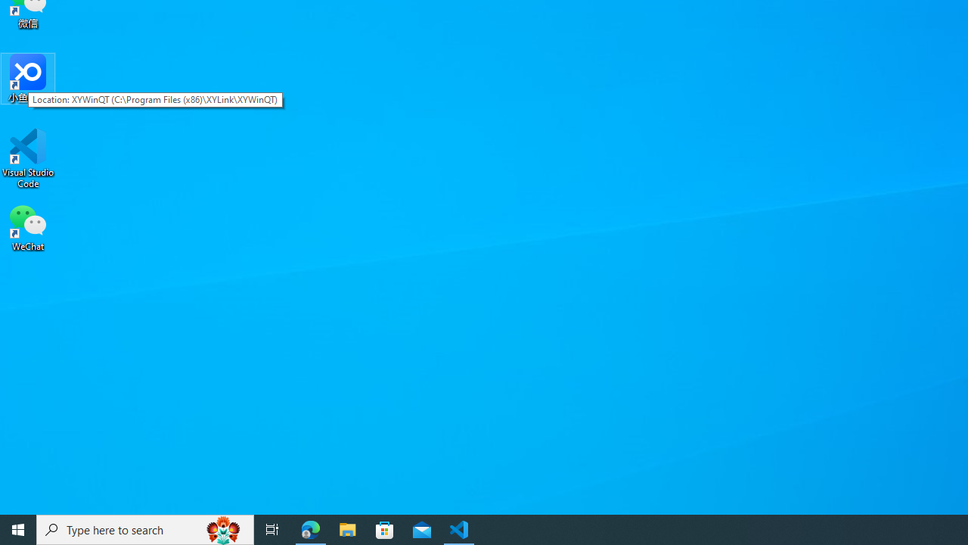 This screenshot has width=968, height=545. What do you see at coordinates (347, 528) in the screenshot?
I see `'File Explorer'` at bounding box center [347, 528].